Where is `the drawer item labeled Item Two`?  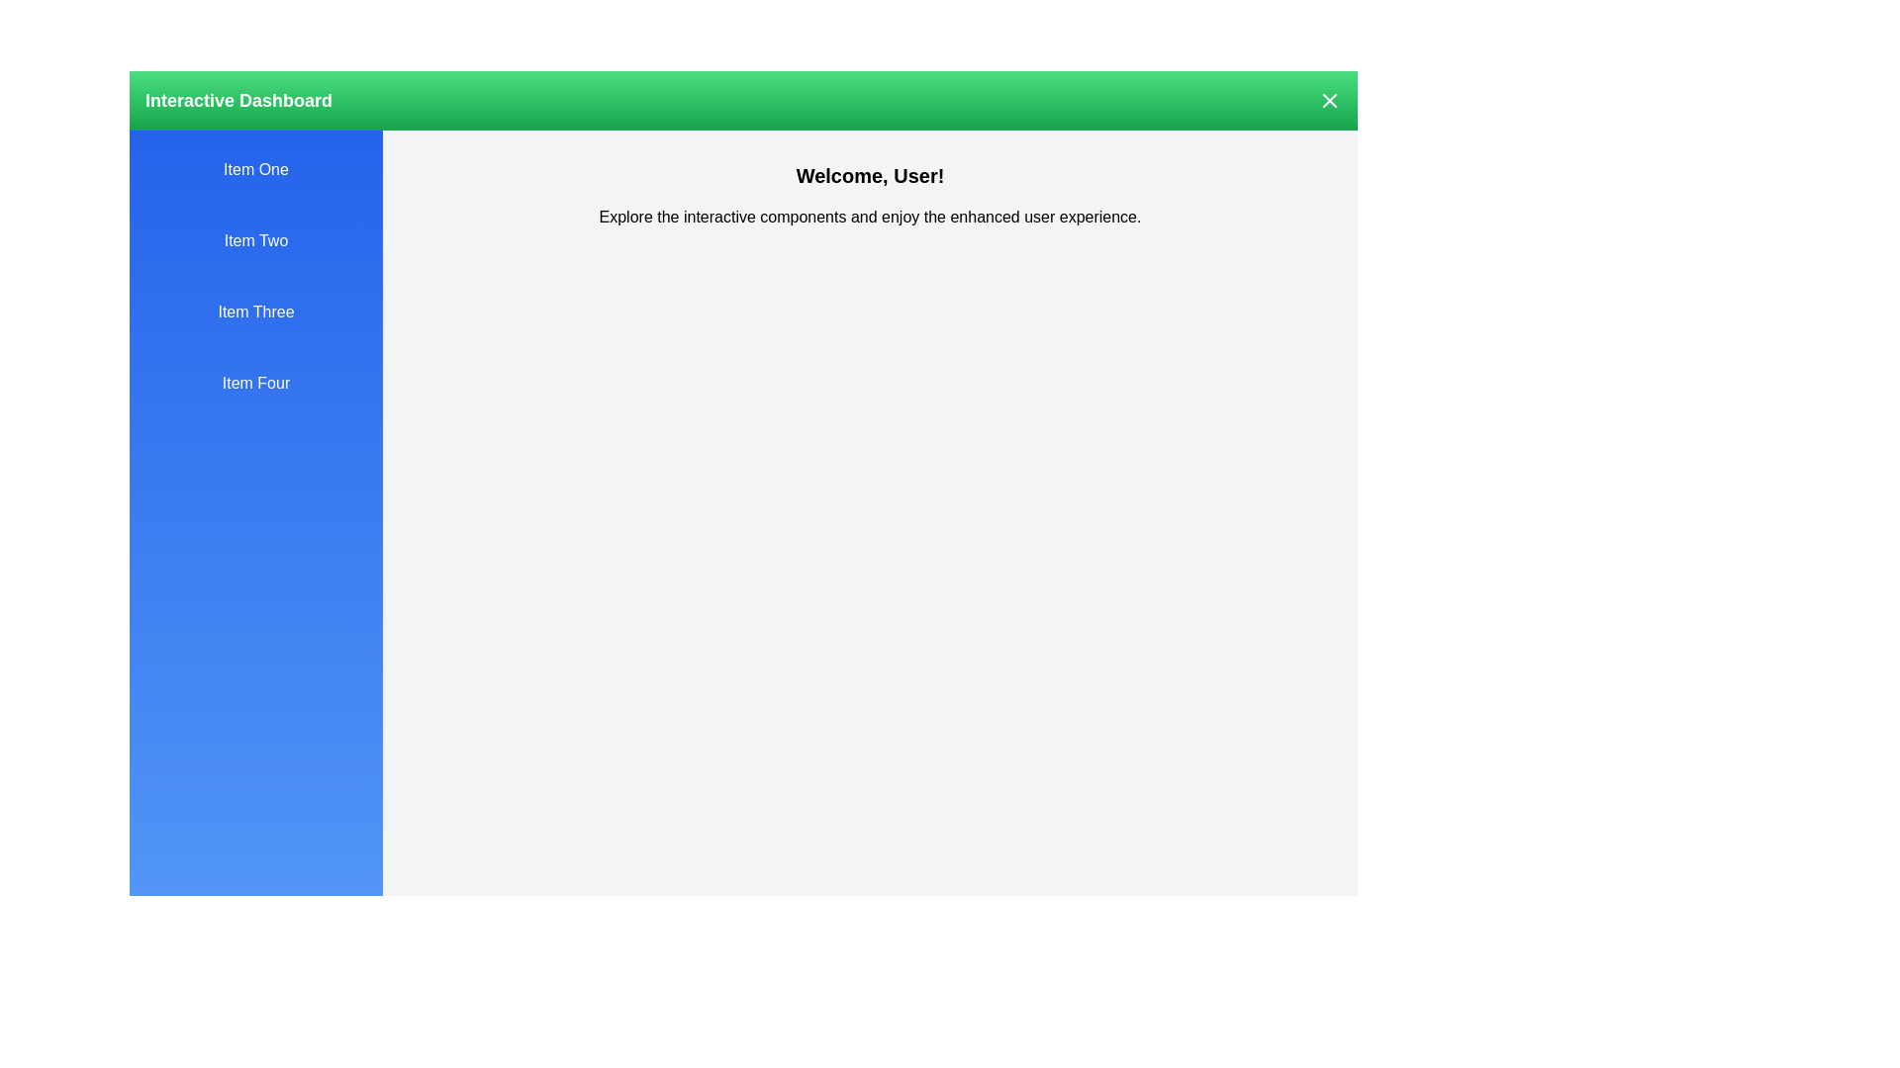
the drawer item labeled Item Two is located at coordinates (255, 239).